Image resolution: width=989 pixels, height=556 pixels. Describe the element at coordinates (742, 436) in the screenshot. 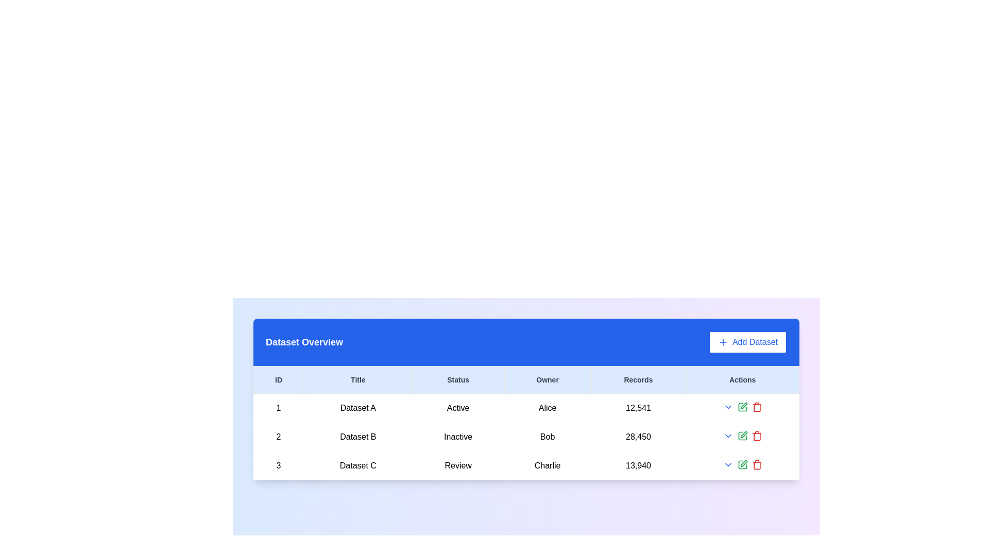

I see `the edit action icon located in the 'Actions' column of the second dataset entry, which is the middle icon in a horizontal group of three icons` at that location.